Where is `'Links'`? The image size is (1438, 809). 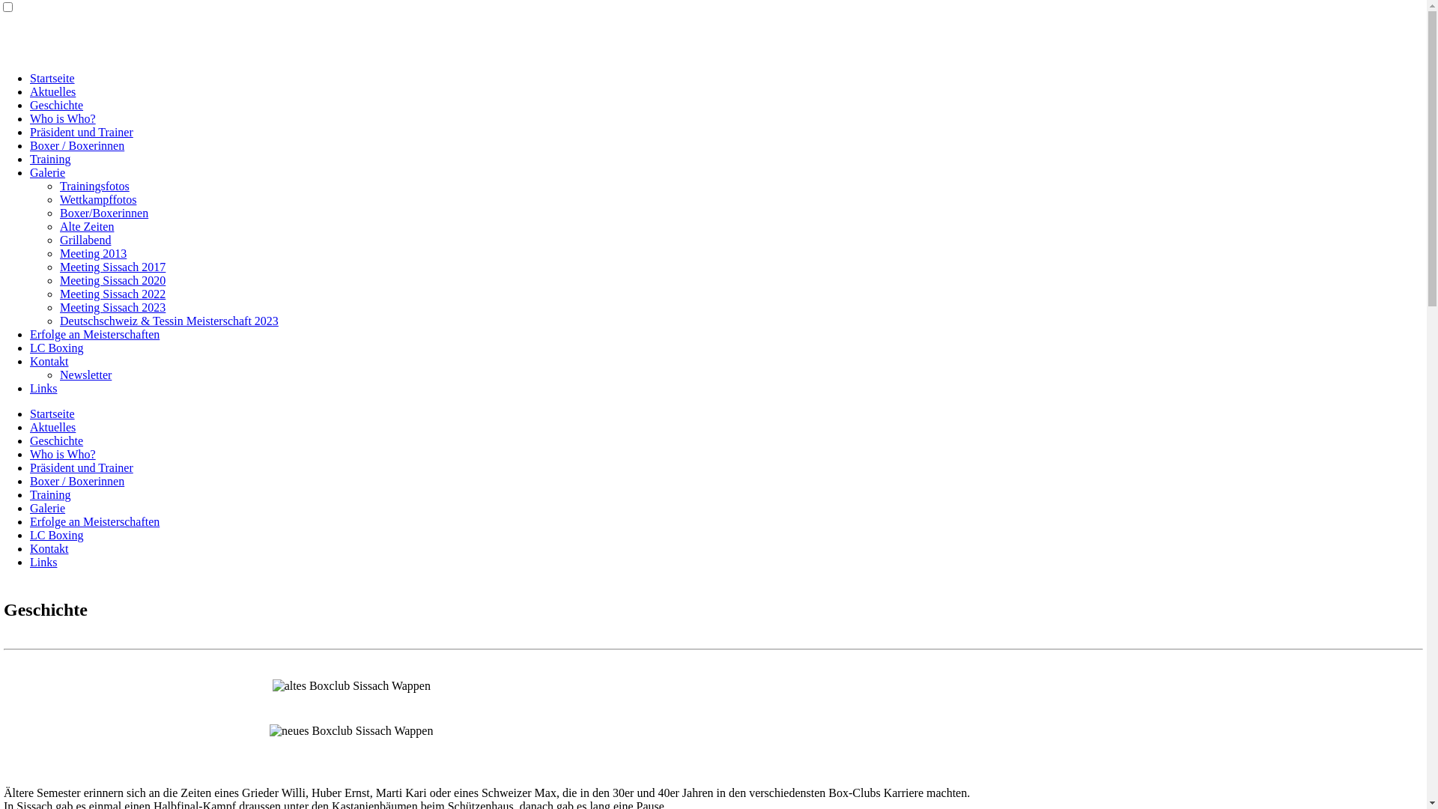 'Links' is located at coordinates (43, 387).